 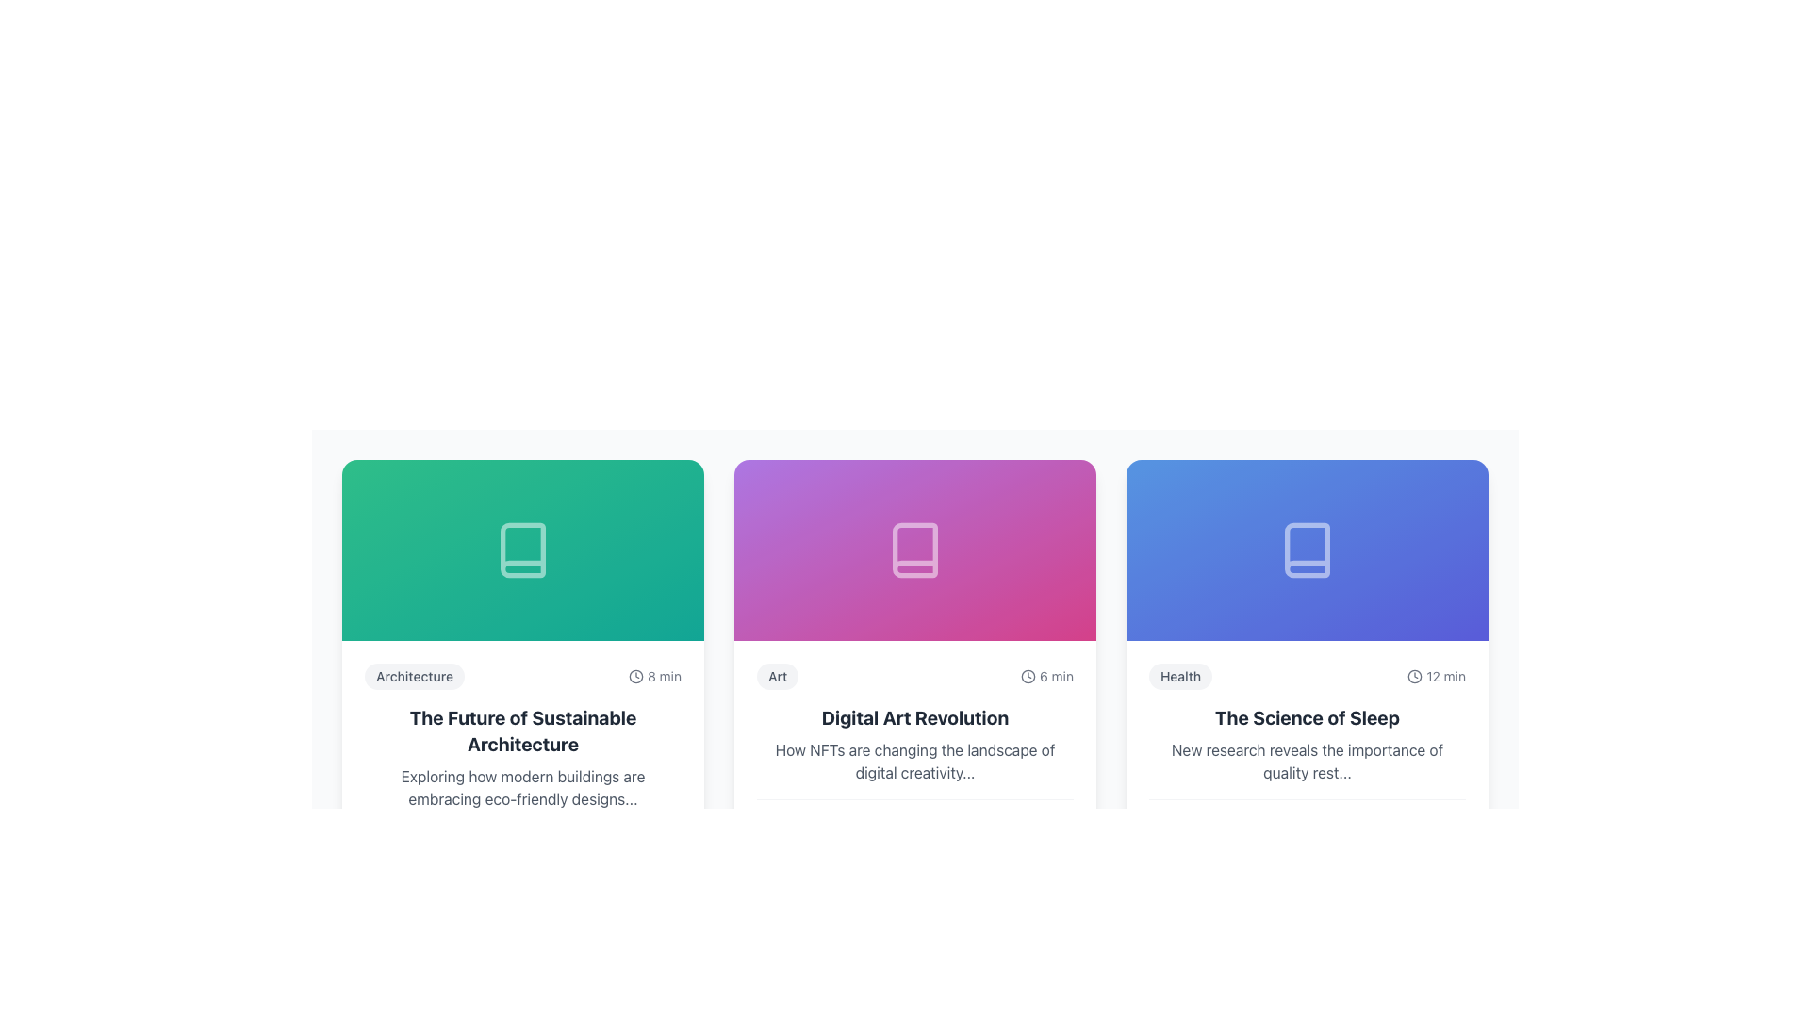 What do you see at coordinates (914, 550) in the screenshot?
I see `the book icon which is centered within a purple gradient background card` at bounding box center [914, 550].